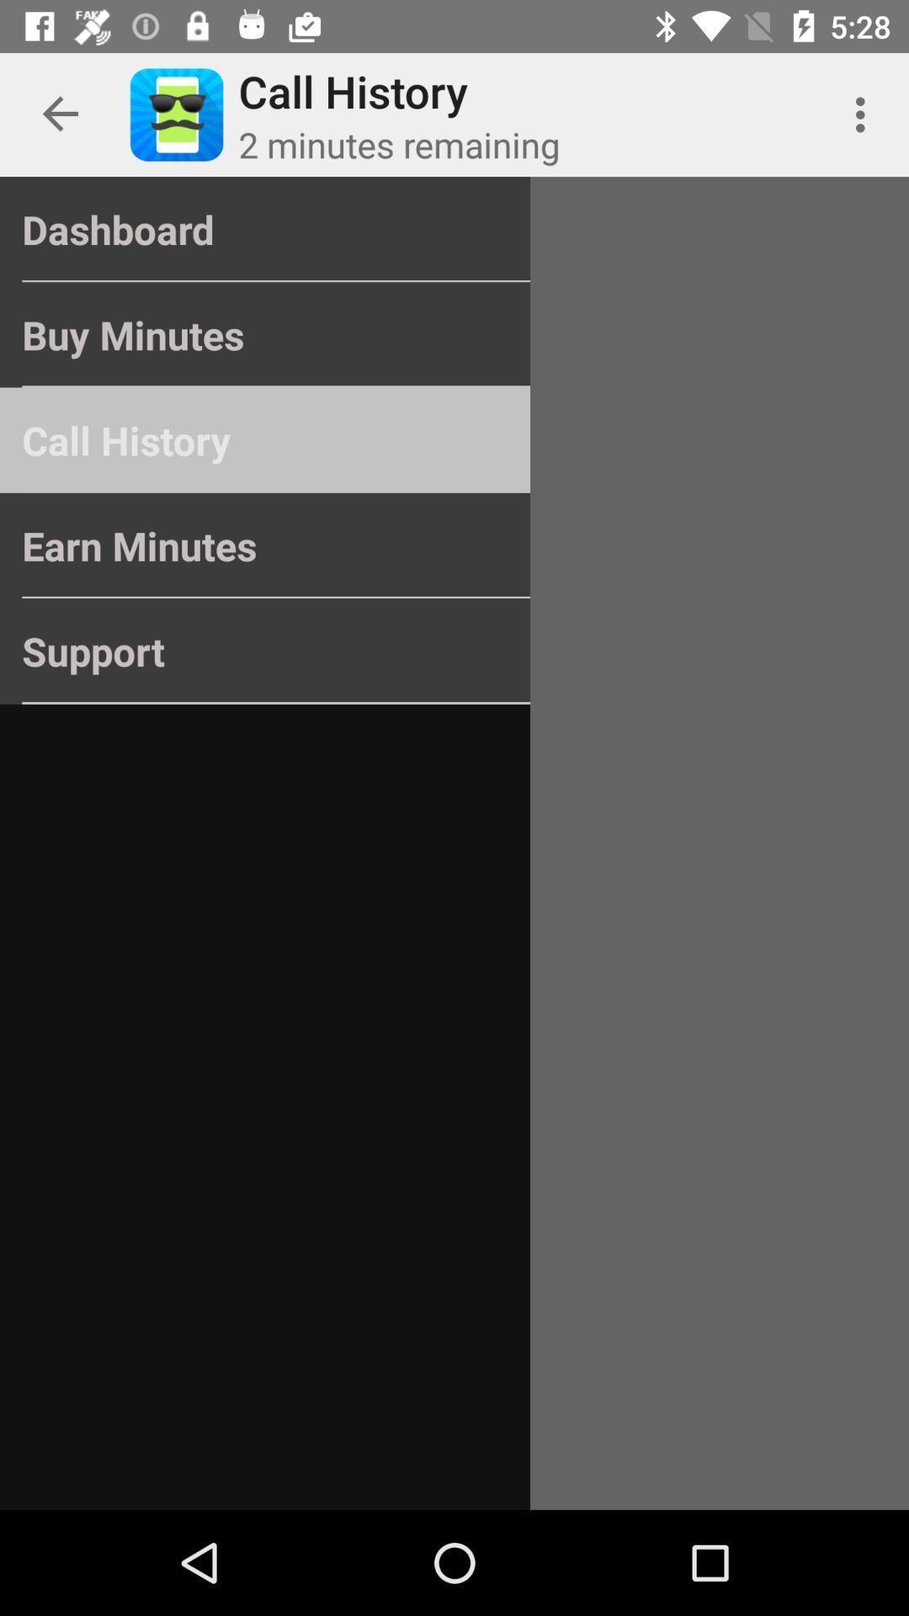  What do you see at coordinates (265, 229) in the screenshot?
I see `dashboard` at bounding box center [265, 229].